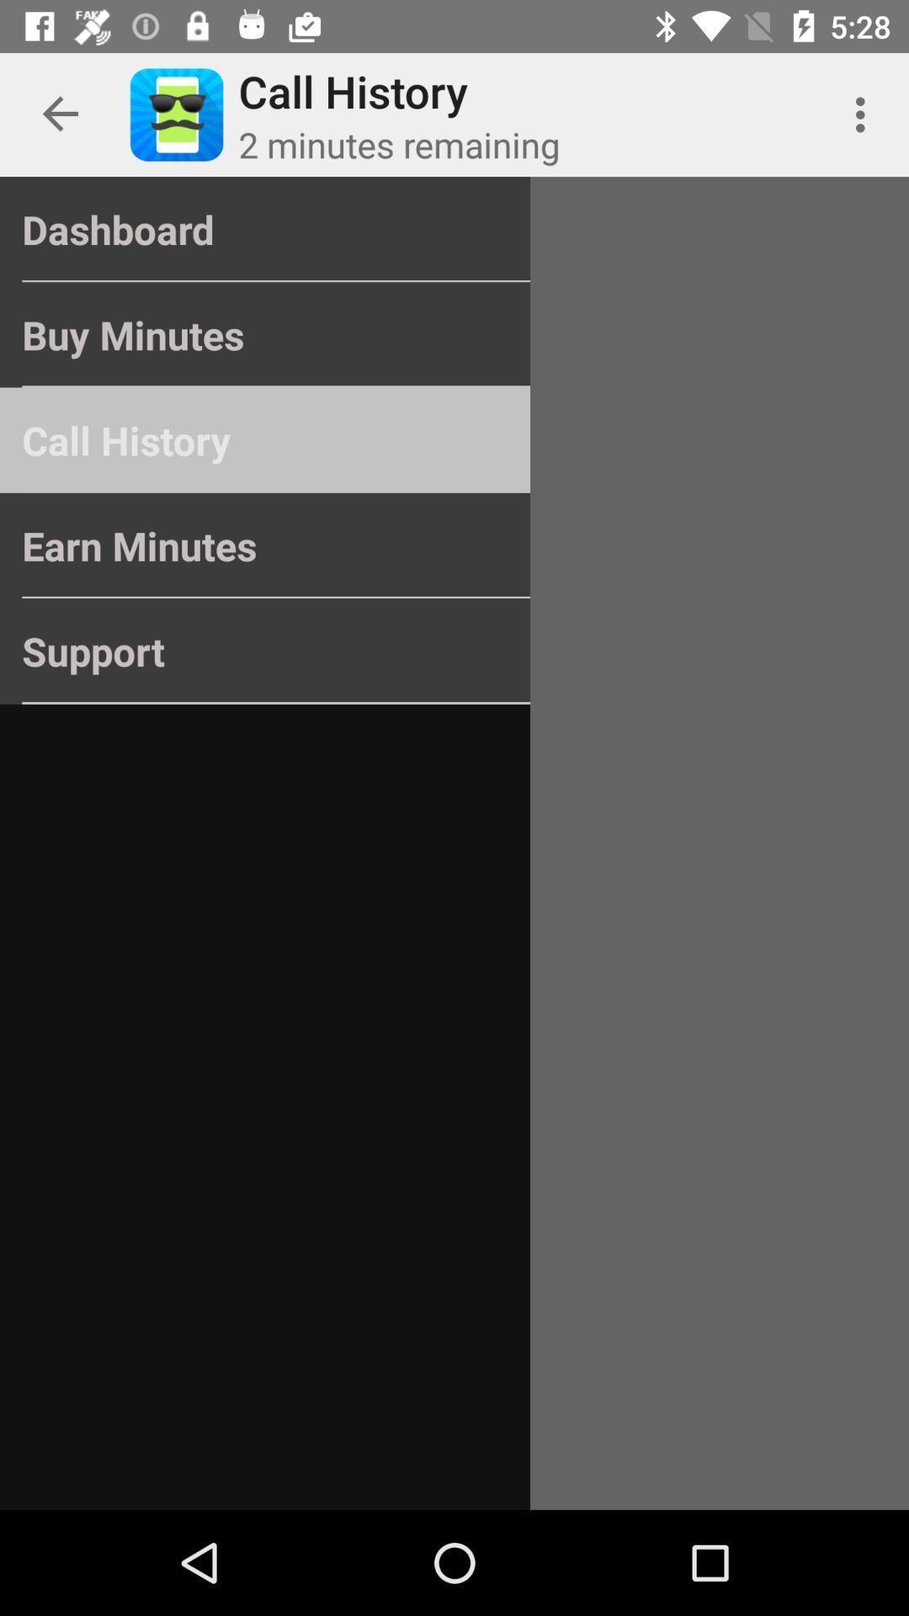  What do you see at coordinates (265, 229) in the screenshot?
I see `dashboard` at bounding box center [265, 229].